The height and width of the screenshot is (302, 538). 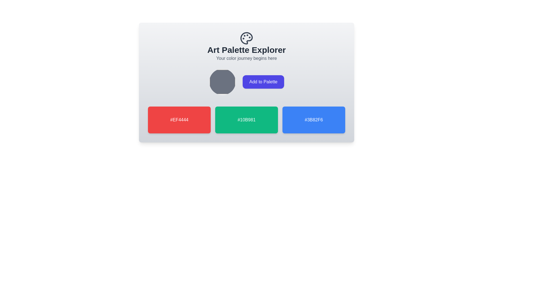 I want to click on the vibrant indigo 'Add to Palette' button with rounded corners, so click(x=263, y=82).